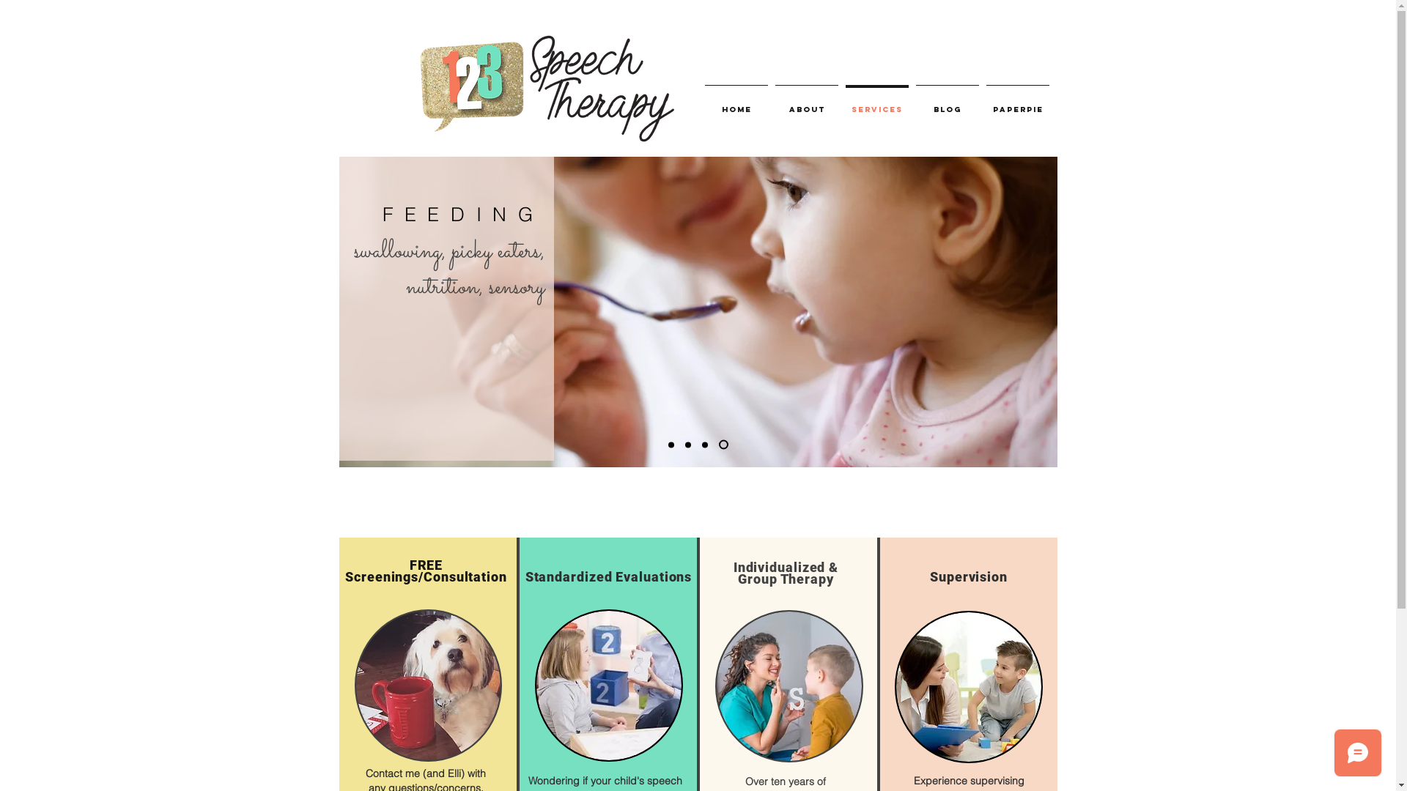 This screenshot has height=791, width=1407. Describe the element at coordinates (876, 103) in the screenshot. I see `'SERVICES'` at that location.